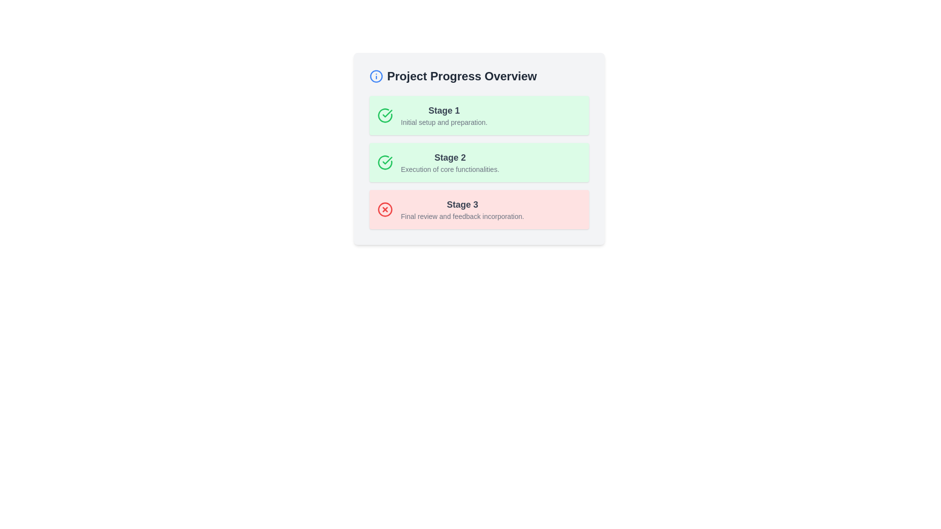 Image resolution: width=941 pixels, height=529 pixels. What do you see at coordinates (376, 75) in the screenshot?
I see `the decorative element inside the blue circular icon preceding the heading titled 'Project Progress Overview'` at bounding box center [376, 75].